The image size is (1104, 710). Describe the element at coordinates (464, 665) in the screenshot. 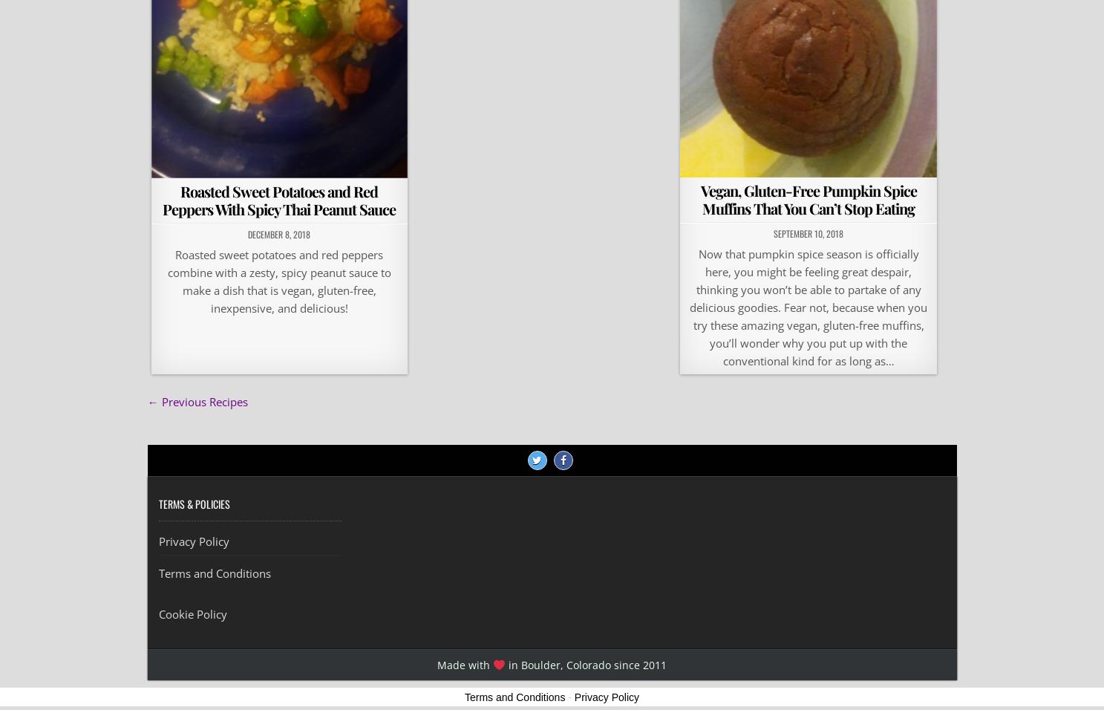

I see `'Made with'` at that location.